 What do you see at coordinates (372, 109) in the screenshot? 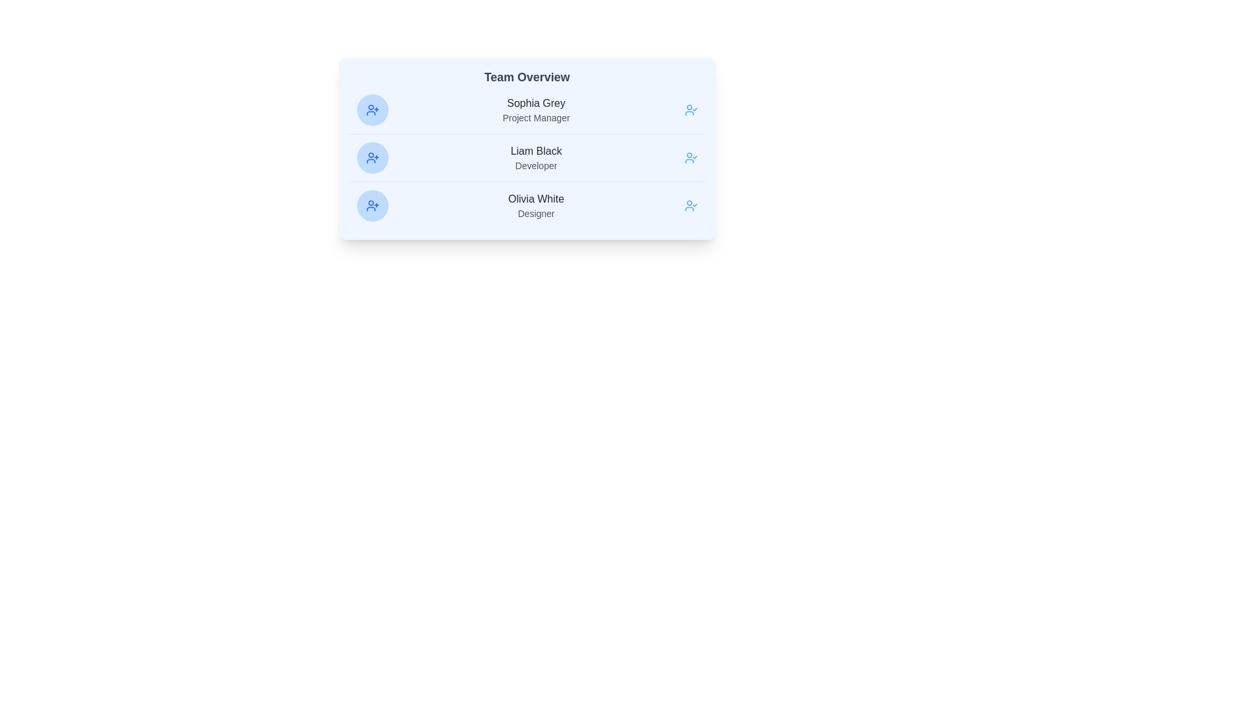
I see `the user icon located to the left of the text 'Sophia Grey', which is vertically aligned with it in the first row of the list inside the panel` at bounding box center [372, 109].